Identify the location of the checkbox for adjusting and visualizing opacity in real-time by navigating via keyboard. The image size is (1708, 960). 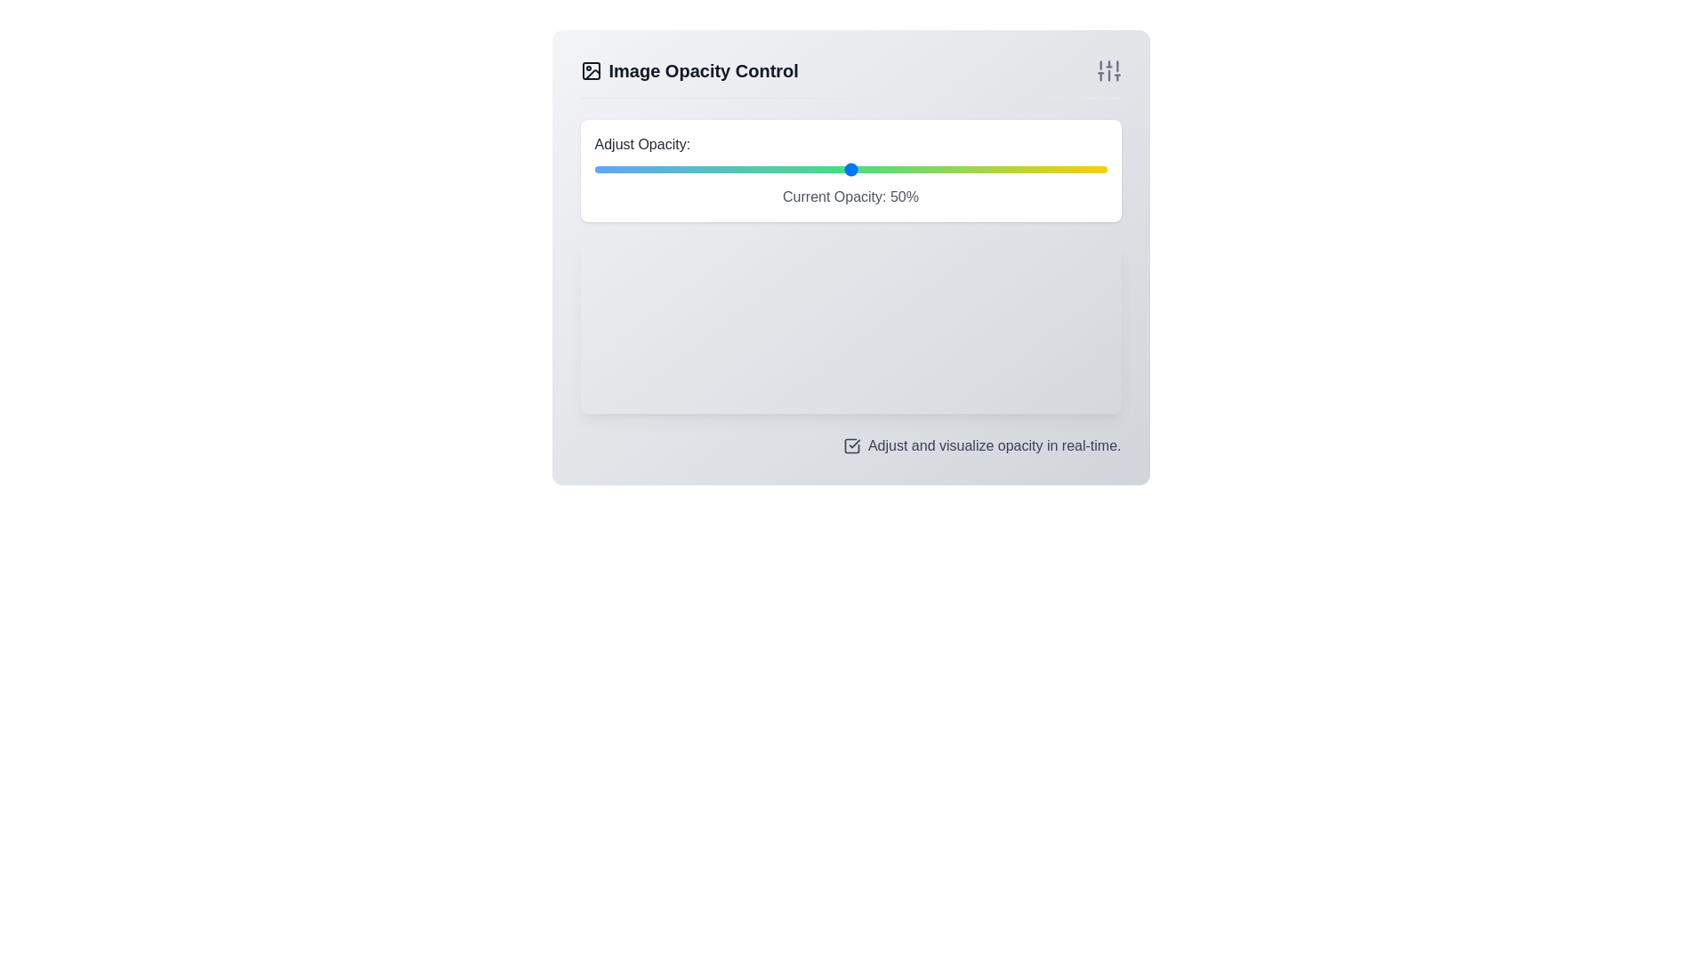
(850, 444).